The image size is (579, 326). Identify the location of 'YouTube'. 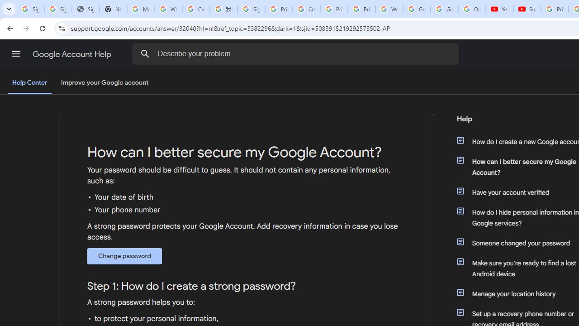
(499, 9).